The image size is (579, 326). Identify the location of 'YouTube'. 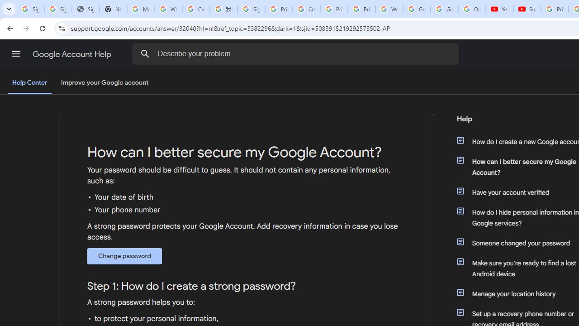
(499, 9).